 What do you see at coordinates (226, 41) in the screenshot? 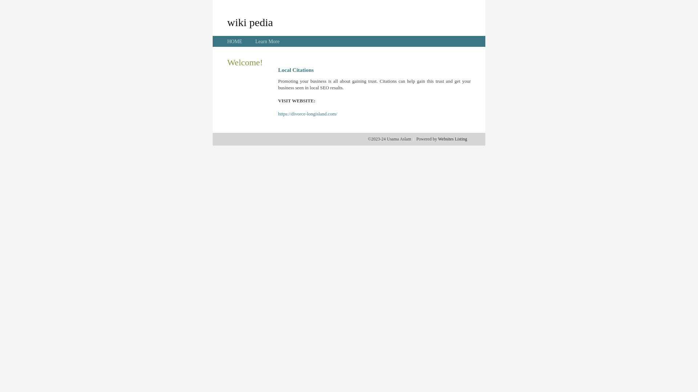
I see `'HOME'` at bounding box center [226, 41].